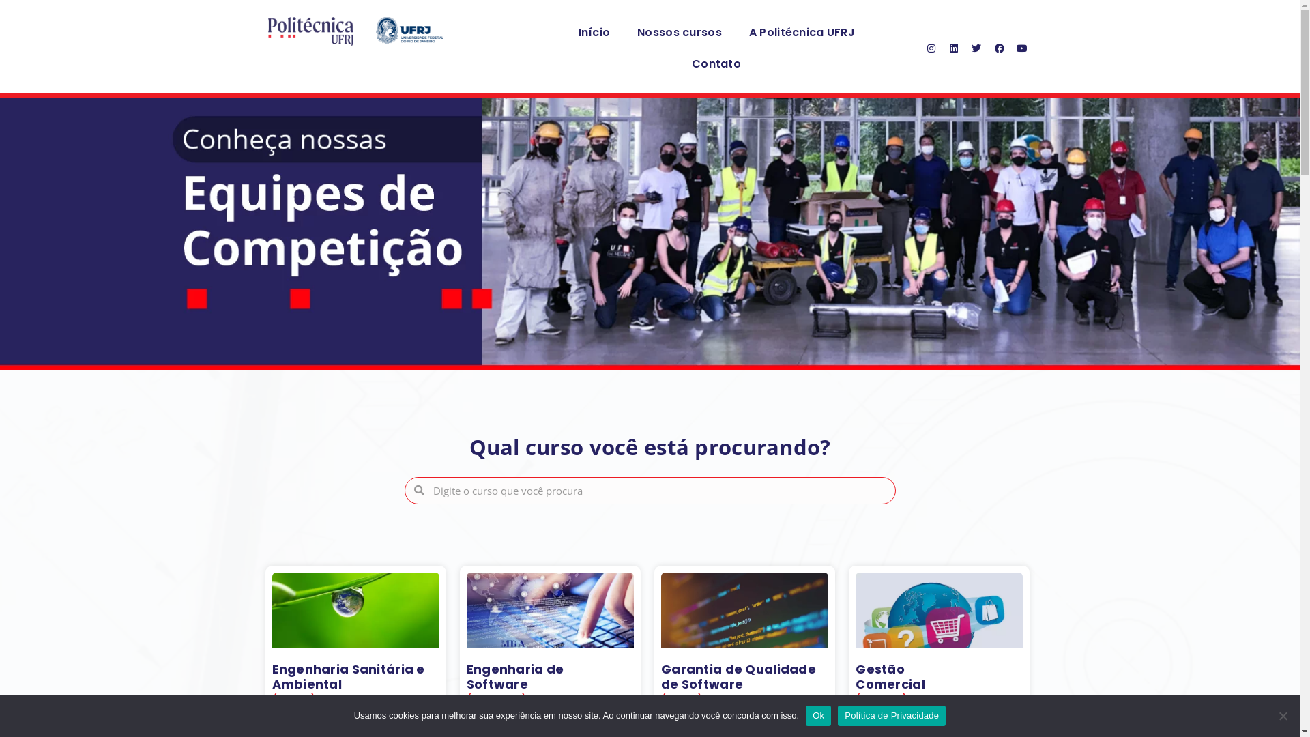  Describe the element at coordinates (716, 63) in the screenshot. I see `'Contato'` at that location.